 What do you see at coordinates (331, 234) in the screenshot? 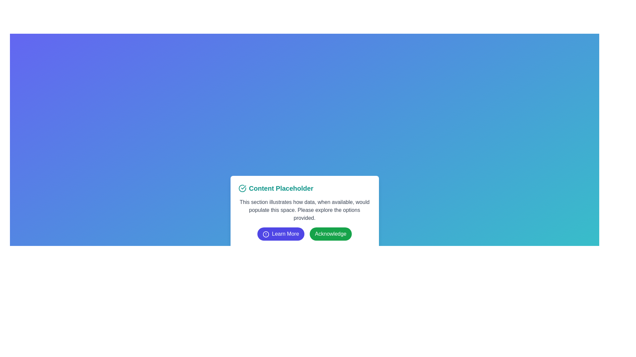
I see `the central acknowledgment button to observe its hover effects` at bounding box center [331, 234].